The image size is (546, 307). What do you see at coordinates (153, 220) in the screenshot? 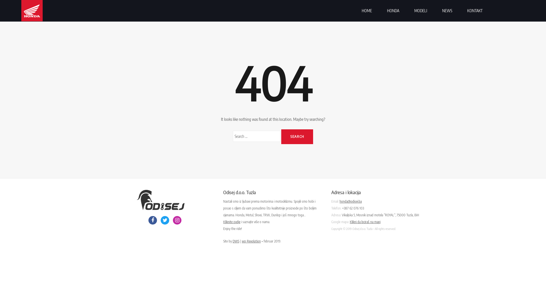
I see `'Facebook'` at bounding box center [153, 220].